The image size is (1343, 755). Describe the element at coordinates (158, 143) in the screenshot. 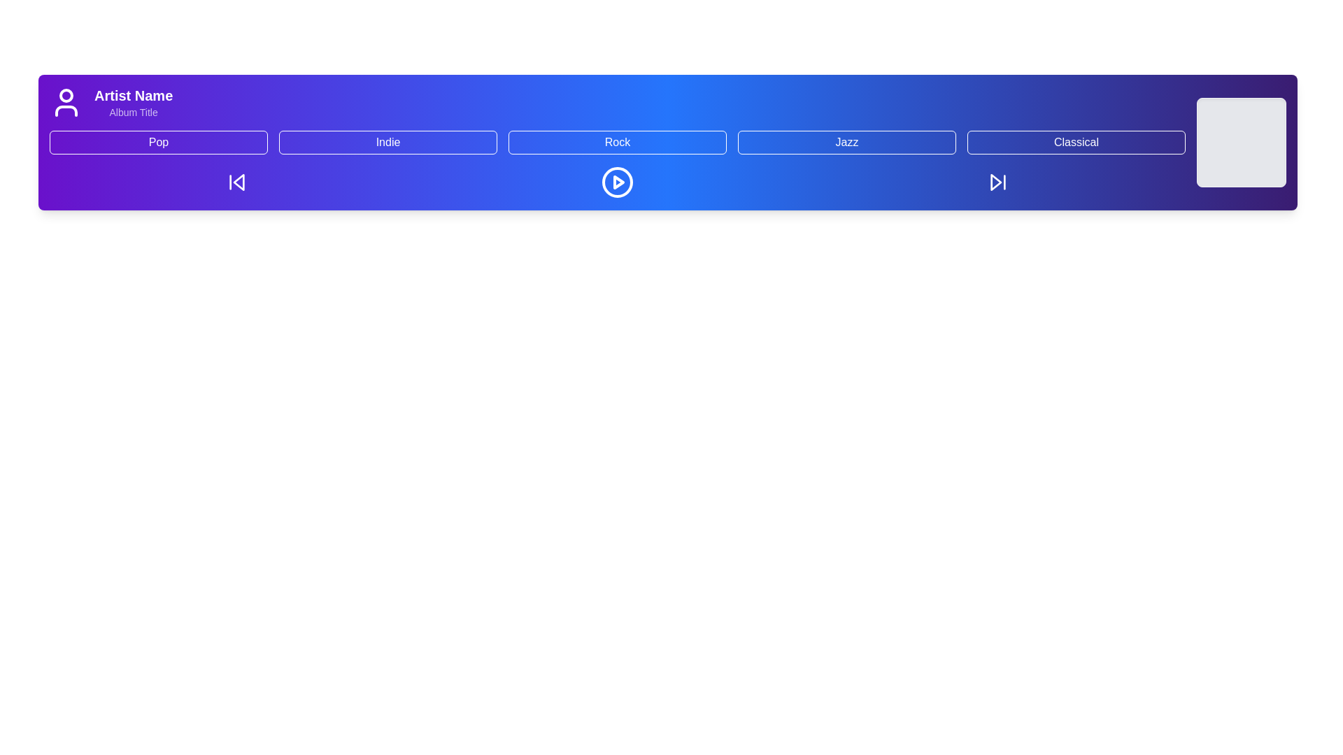

I see `the first button in the horizontal row` at that location.